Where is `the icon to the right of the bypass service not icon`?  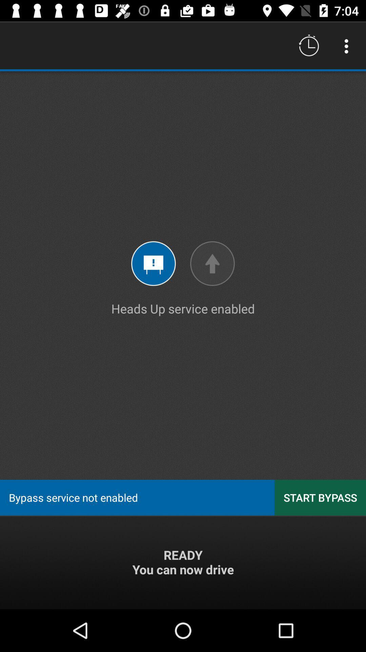 the icon to the right of the bypass service not icon is located at coordinates (320, 497).